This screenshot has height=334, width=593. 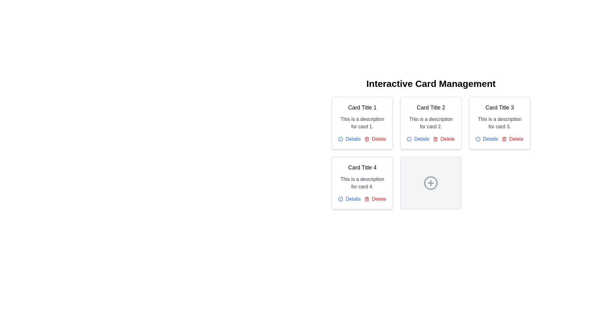 What do you see at coordinates (362, 199) in the screenshot?
I see `the button group located at the bottom-right corner of the card labeled 'Card Title 4'` at bounding box center [362, 199].